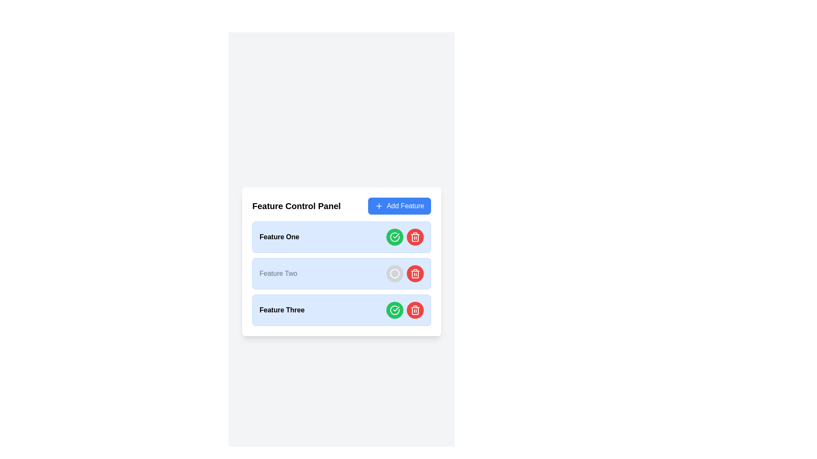  What do you see at coordinates (278, 274) in the screenshot?
I see `the text label that identifies the second feature in the list, which is centered in a vertical list structure with a light blue background and rounded corners` at bounding box center [278, 274].